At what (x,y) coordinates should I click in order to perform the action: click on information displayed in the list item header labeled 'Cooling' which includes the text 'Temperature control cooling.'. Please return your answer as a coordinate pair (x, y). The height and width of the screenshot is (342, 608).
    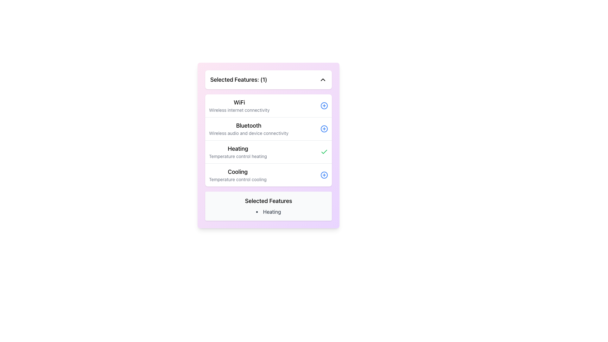
    Looking at the image, I should click on (237, 175).